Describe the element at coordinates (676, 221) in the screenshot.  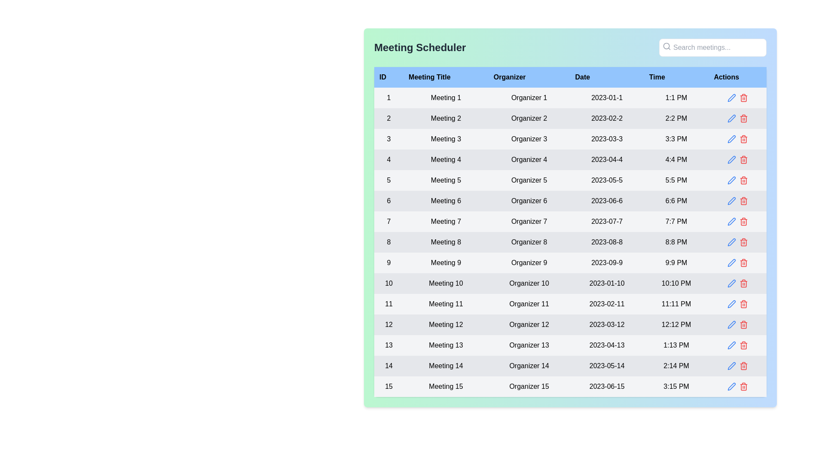
I see `the Text Label displaying the scheduled time for the meeting in the seventh row of the 'Meeting Scheduler' table` at that location.